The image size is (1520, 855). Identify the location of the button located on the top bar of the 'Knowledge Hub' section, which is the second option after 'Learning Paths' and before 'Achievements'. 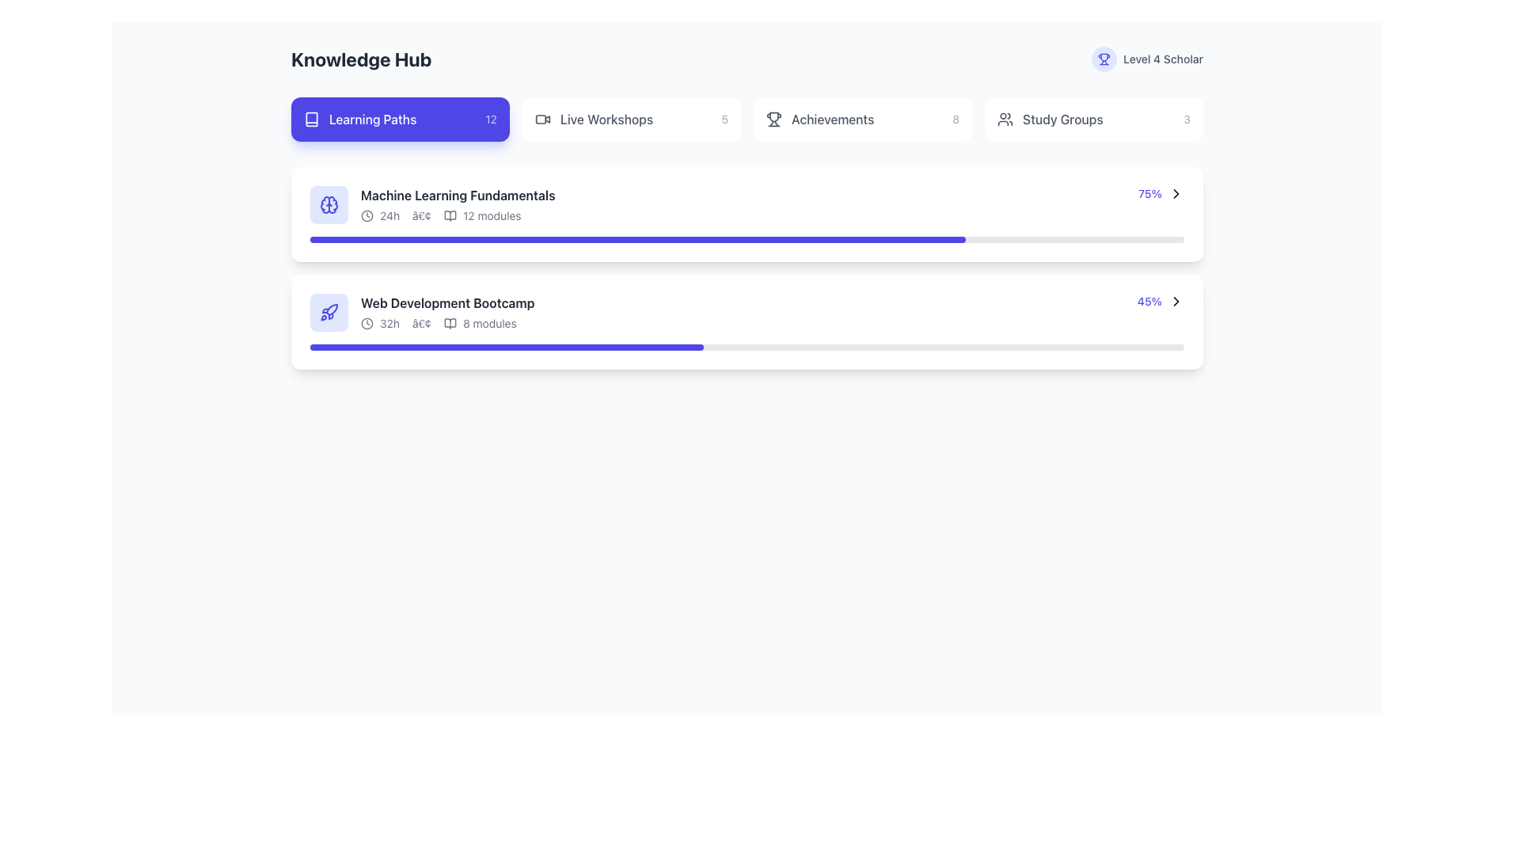
(593, 118).